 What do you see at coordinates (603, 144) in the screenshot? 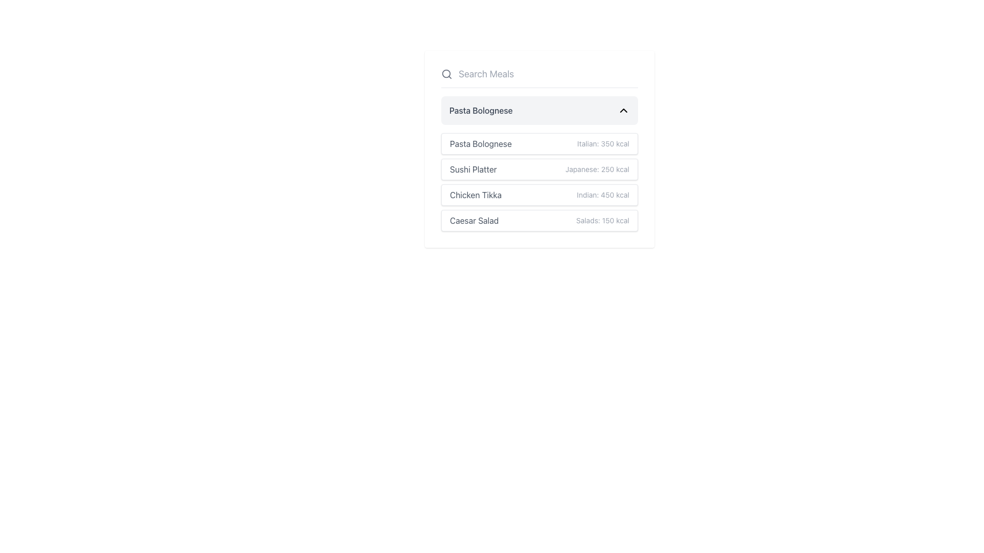
I see `the Text Label that provides information about the cuisine type 'Italian' and calorie count '350 kcal' for the food item 'Pasta Bolognese'` at bounding box center [603, 144].